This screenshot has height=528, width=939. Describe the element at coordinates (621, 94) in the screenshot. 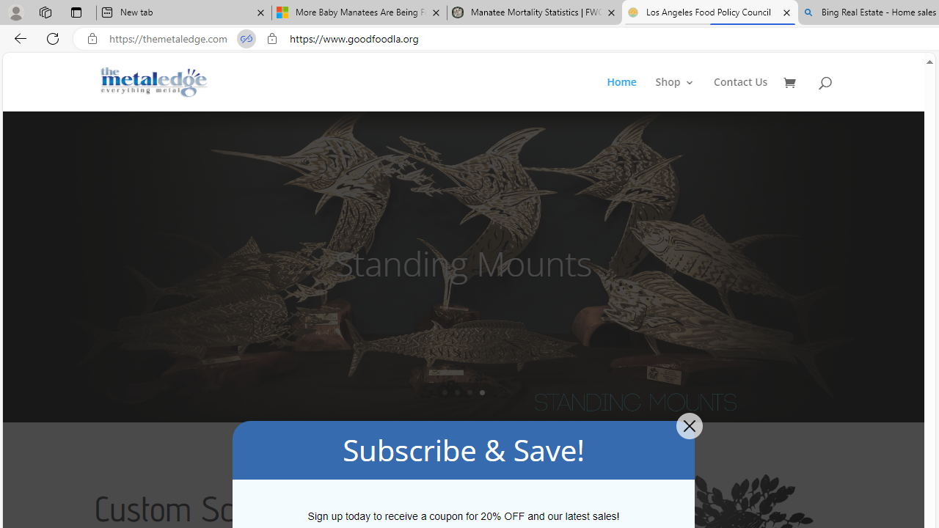

I see `'Home'` at that location.